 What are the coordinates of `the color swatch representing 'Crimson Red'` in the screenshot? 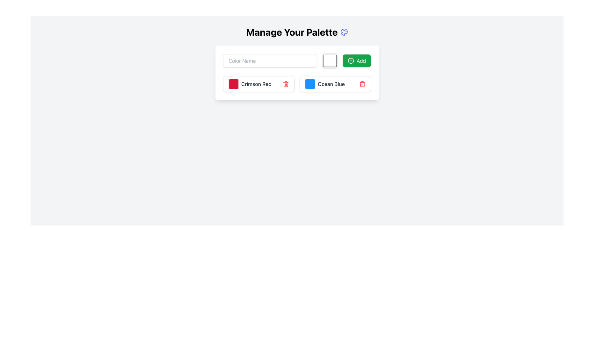 It's located at (233, 83).